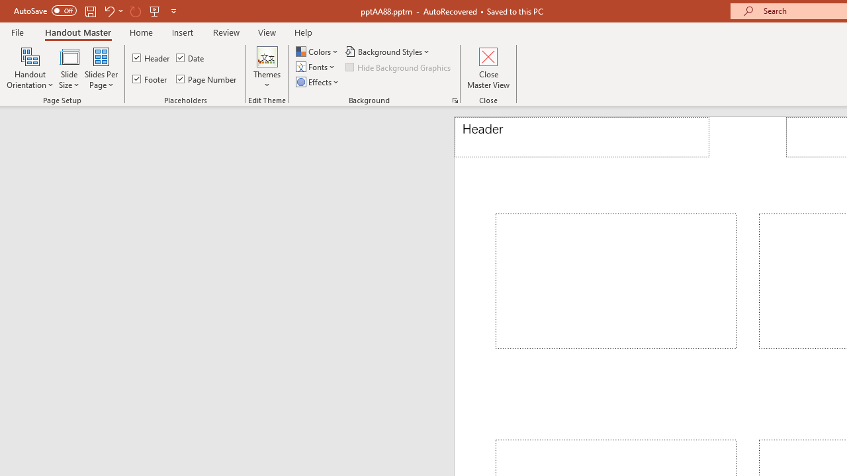 The width and height of the screenshot is (847, 476). Describe the element at coordinates (387, 51) in the screenshot. I see `'Background Styles'` at that location.